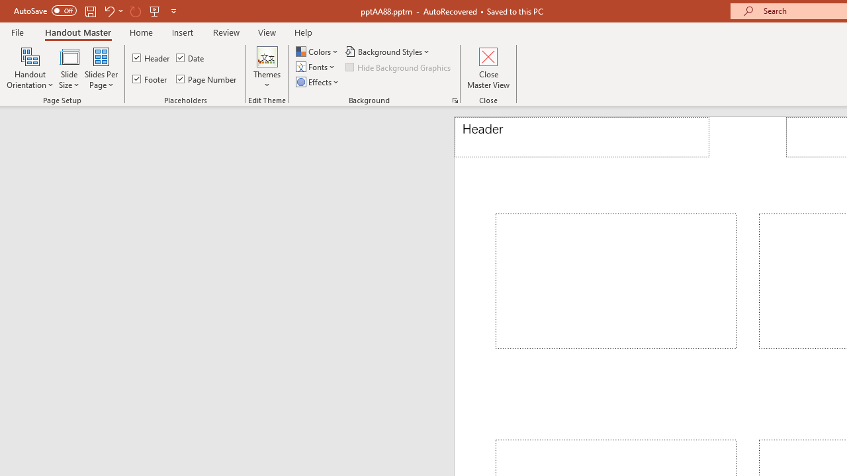 The width and height of the screenshot is (847, 476). Describe the element at coordinates (387, 51) in the screenshot. I see `'Background Styles'` at that location.